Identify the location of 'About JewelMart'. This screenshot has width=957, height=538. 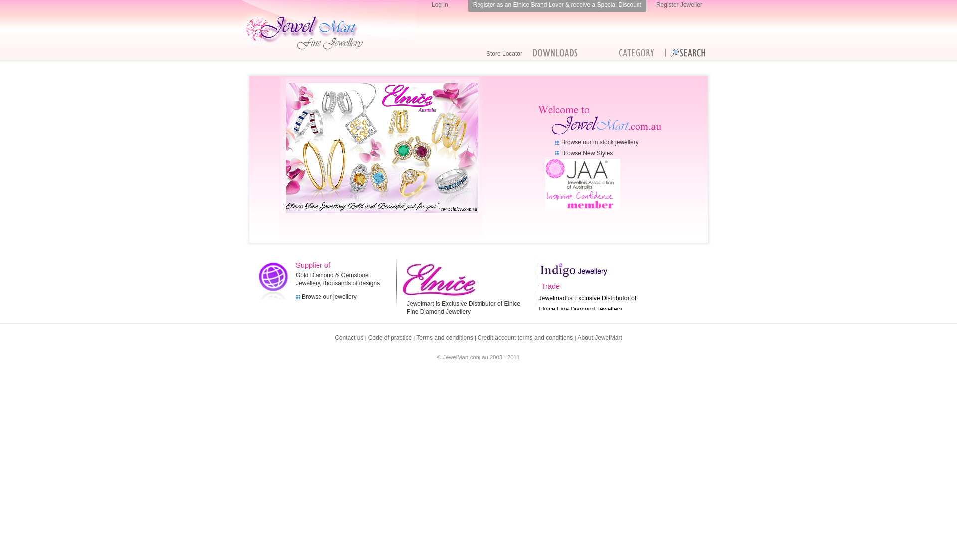
(599, 337).